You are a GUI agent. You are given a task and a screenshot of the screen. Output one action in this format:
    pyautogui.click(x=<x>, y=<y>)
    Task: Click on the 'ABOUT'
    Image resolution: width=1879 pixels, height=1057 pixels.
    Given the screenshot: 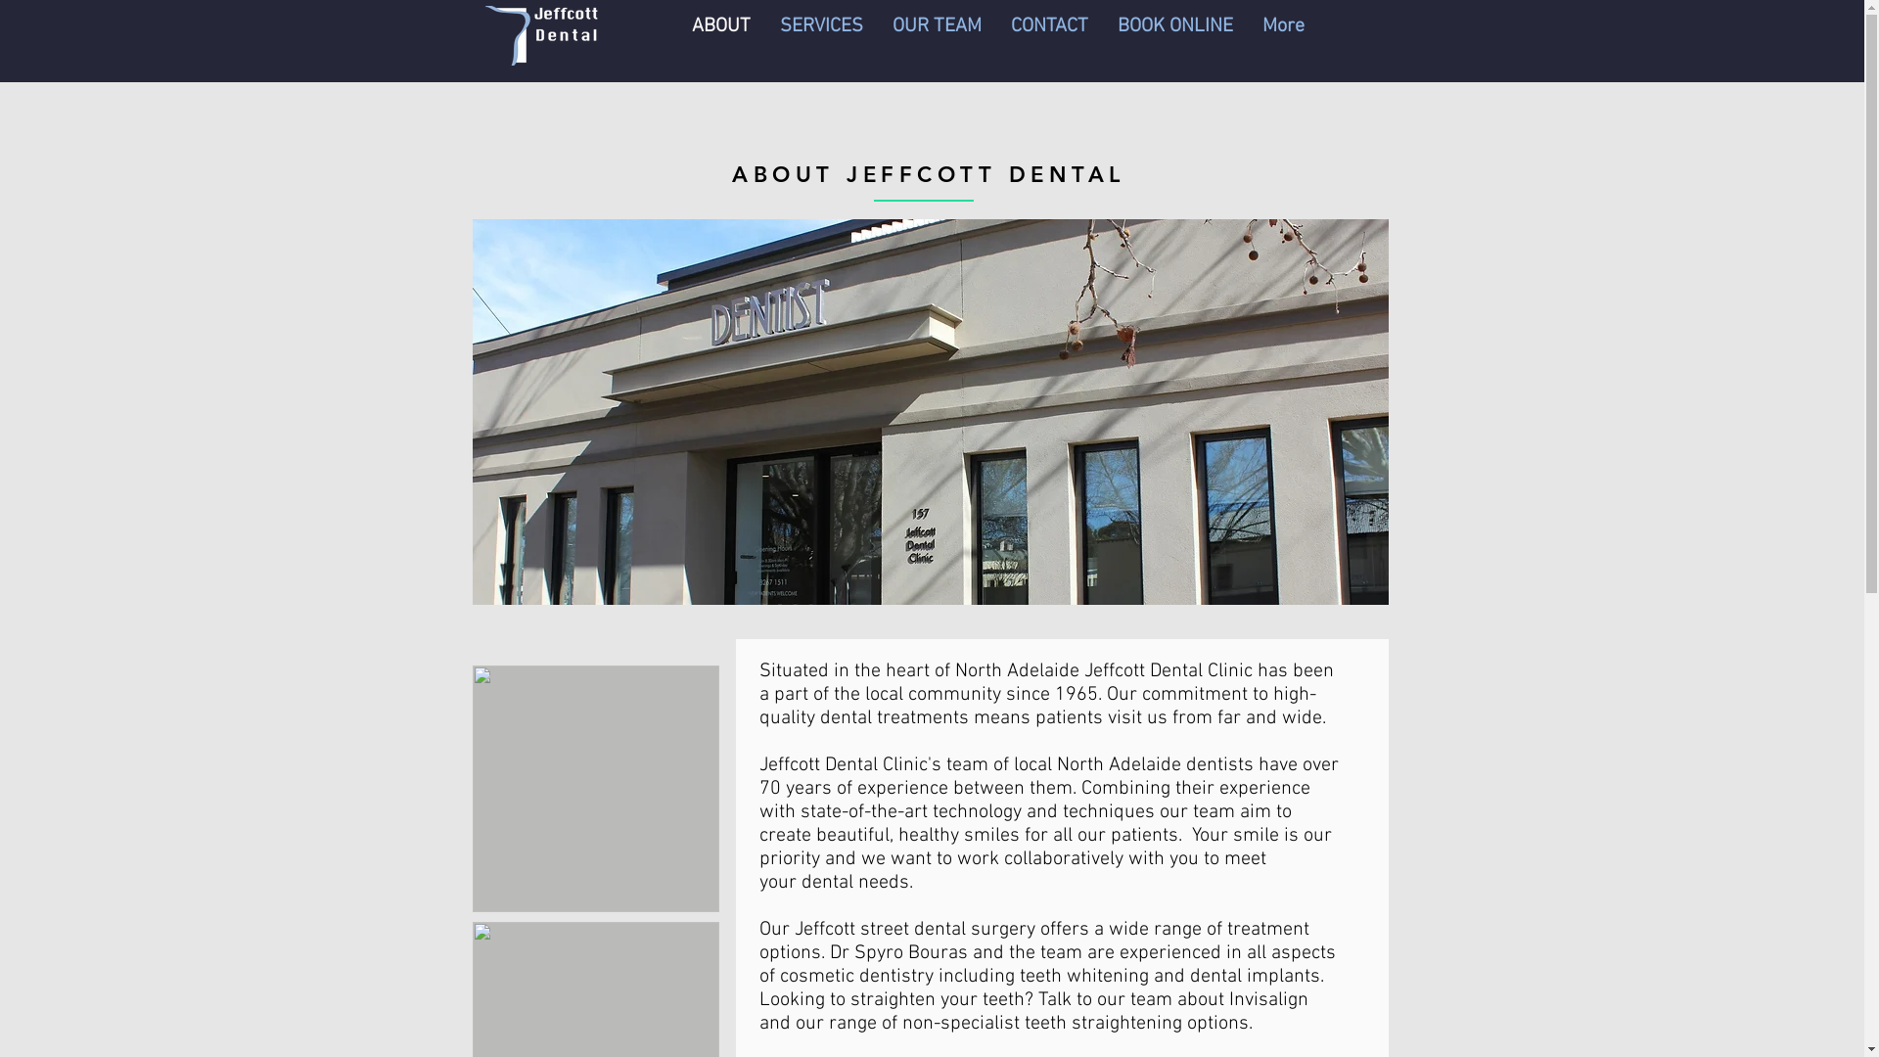 What is the action you would take?
    pyautogui.click(x=720, y=35)
    